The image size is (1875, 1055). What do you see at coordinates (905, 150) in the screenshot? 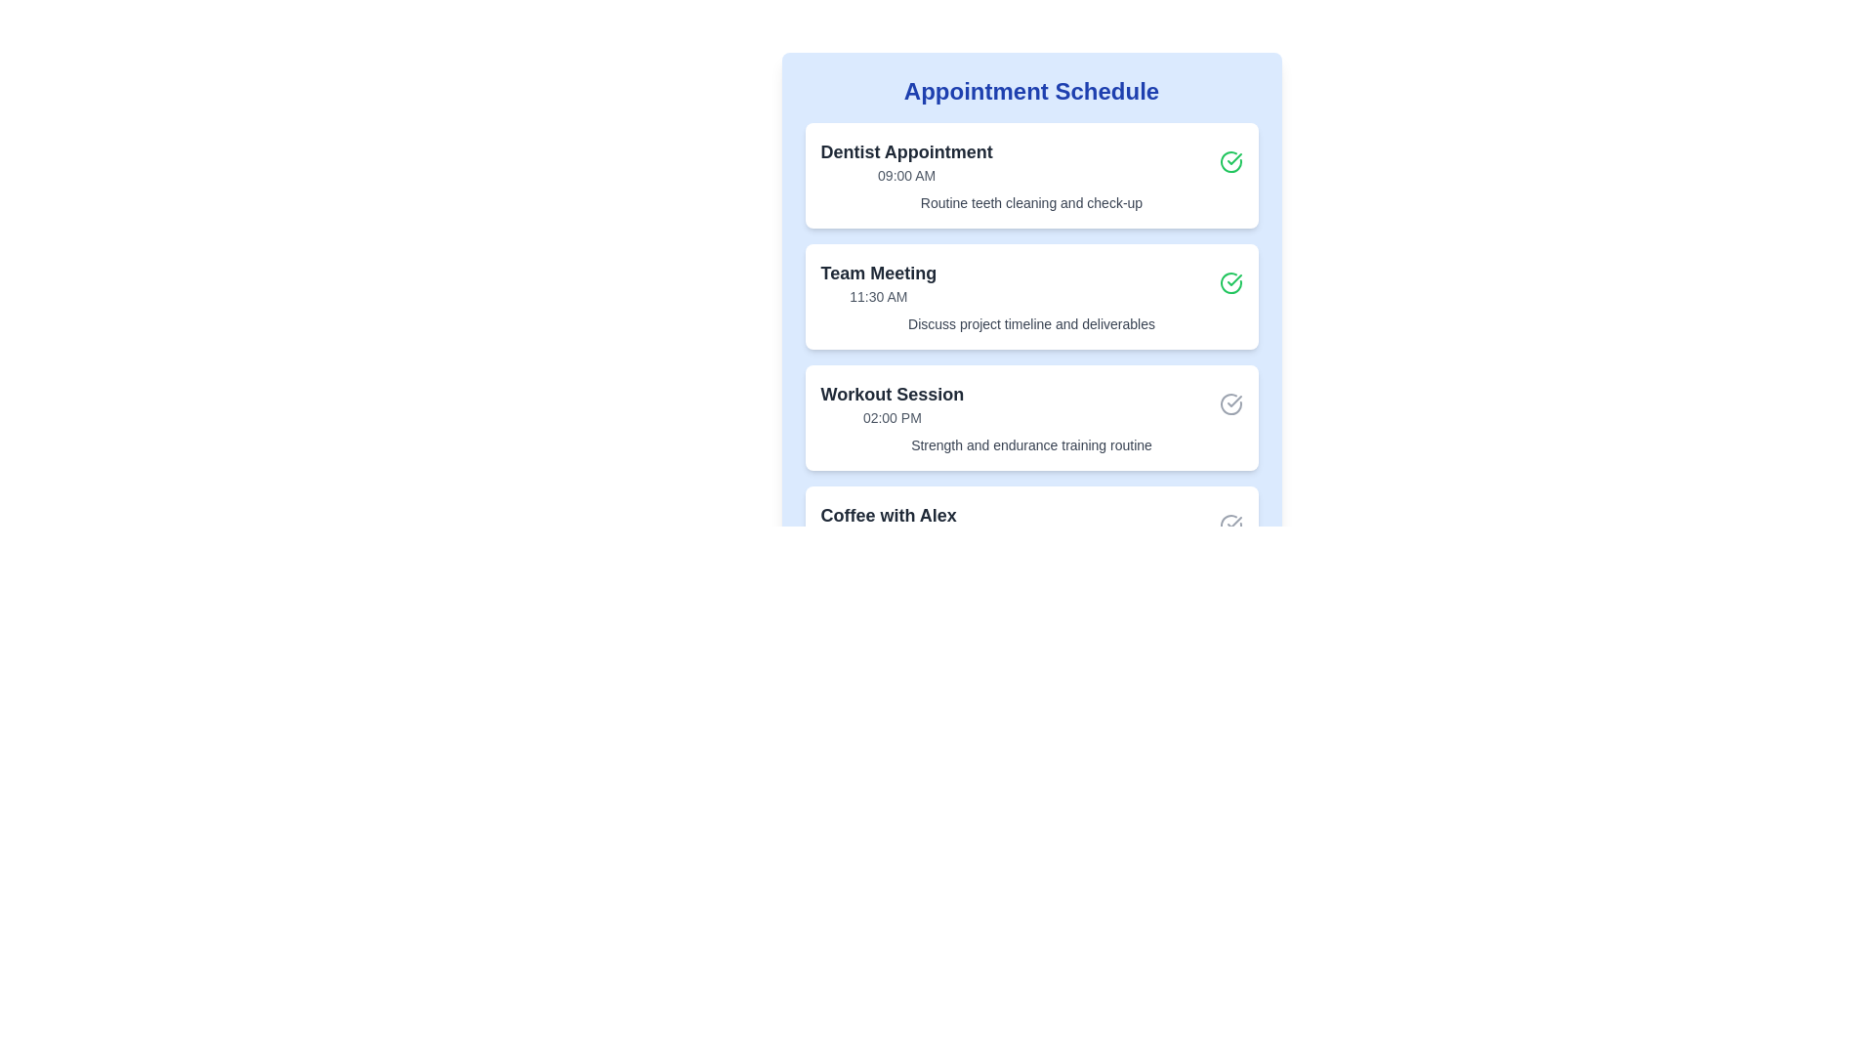
I see `the 'Dentist Appointment' text label element, which is displayed in bold, large-sized, dark gray font as part of an appointment card, positioned above the appointment time '09:00 AM'` at bounding box center [905, 150].